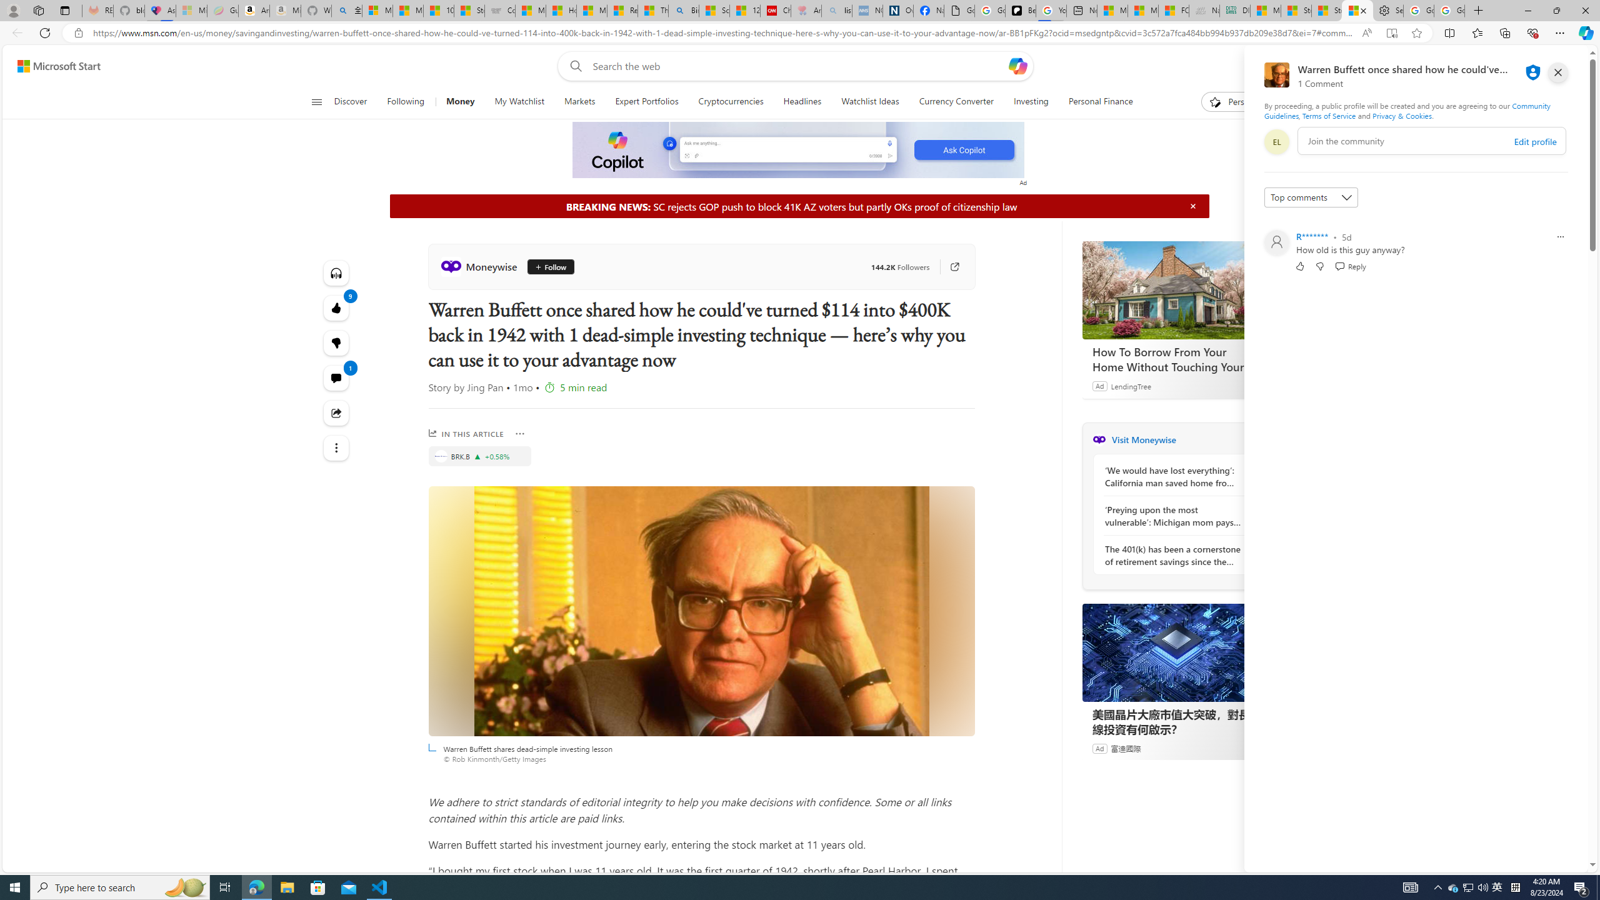 Image resolution: width=1600 pixels, height=900 pixels. Describe the element at coordinates (316, 101) in the screenshot. I see `'Open navigation menu'` at that location.